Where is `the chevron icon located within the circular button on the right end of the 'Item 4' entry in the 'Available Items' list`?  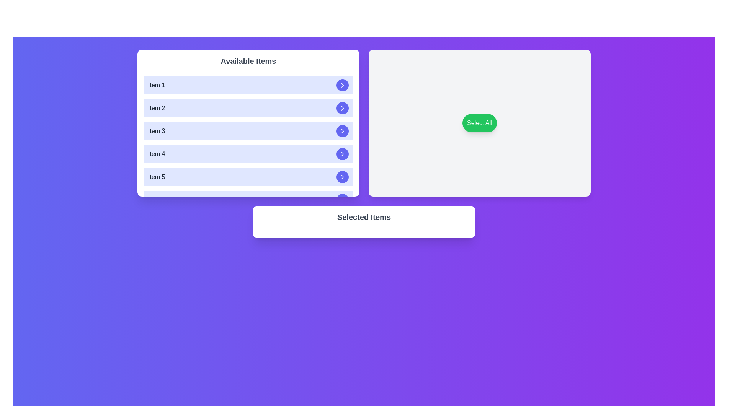
the chevron icon located within the circular button on the right end of the 'Item 4' entry in the 'Available Items' list is located at coordinates (342, 154).